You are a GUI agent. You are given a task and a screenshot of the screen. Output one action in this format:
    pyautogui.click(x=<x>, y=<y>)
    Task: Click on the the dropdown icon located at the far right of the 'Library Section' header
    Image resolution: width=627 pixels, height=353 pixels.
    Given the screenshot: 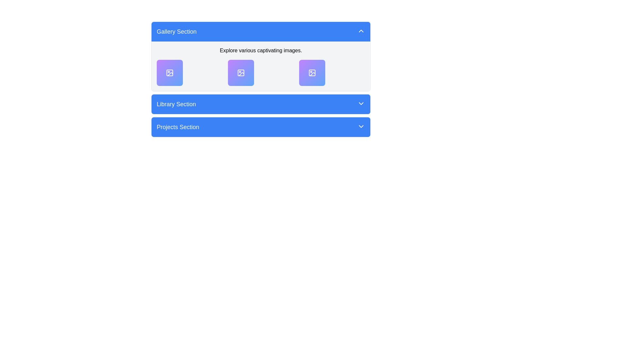 What is the action you would take?
    pyautogui.click(x=361, y=103)
    